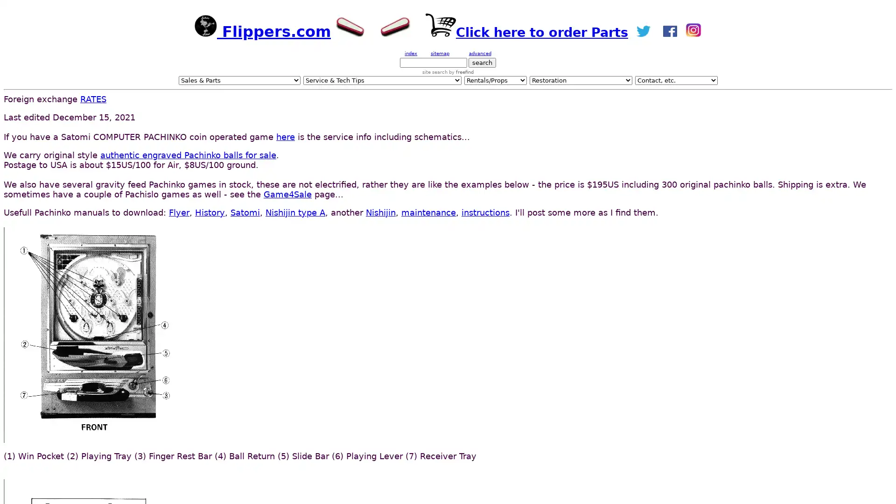 Image resolution: width=896 pixels, height=504 pixels. Describe the element at coordinates (482, 63) in the screenshot. I see `search` at that location.